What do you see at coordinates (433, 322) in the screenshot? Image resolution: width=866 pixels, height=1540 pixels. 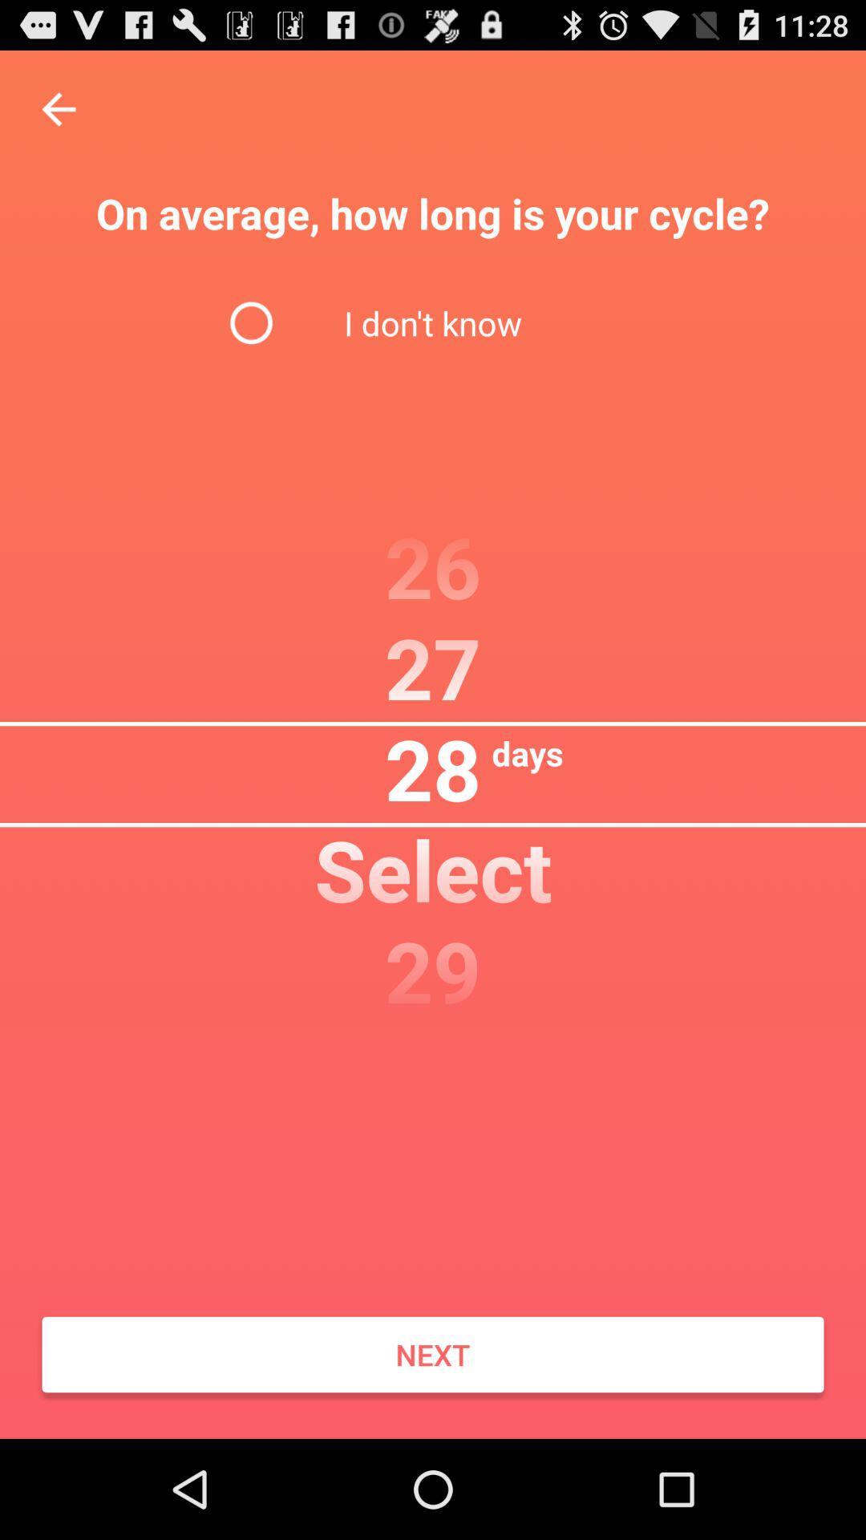 I see `item below the on average how item` at bounding box center [433, 322].